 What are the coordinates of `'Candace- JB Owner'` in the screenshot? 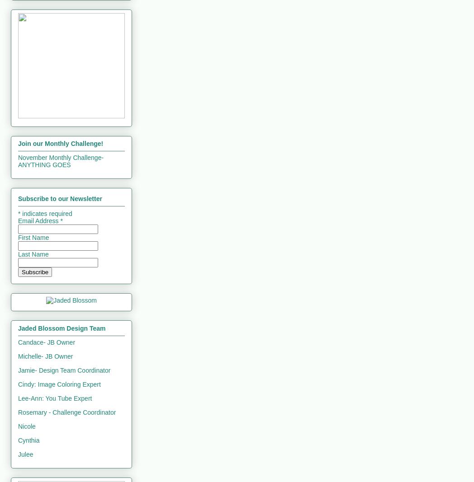 It's located at (46, 342).